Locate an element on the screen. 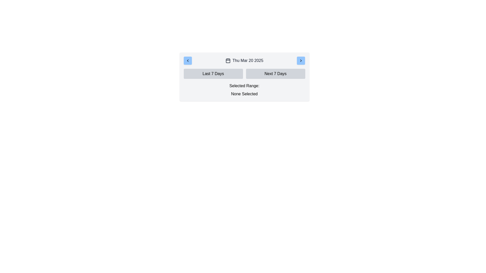 Image resolution: width=486 pixels, height=273 pixels. the text display showing the date 'Thu Mar 20 2025' is located at coordinates (244, 60).